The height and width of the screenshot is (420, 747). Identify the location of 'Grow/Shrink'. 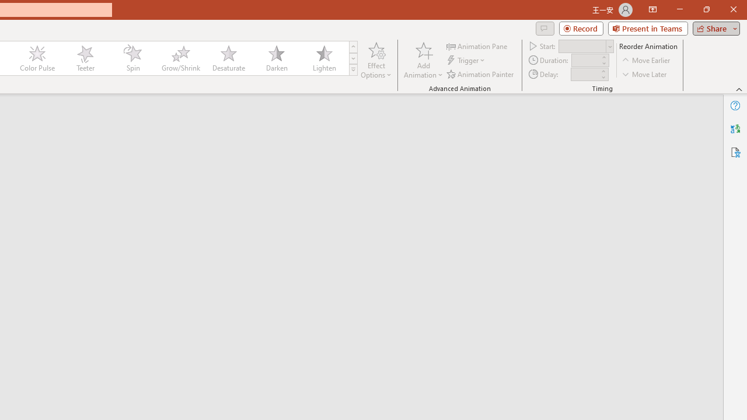
(180, 58).